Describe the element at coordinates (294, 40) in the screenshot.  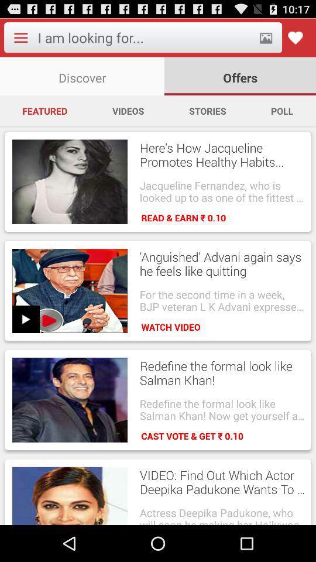
I see `the favorite icon` at that location.